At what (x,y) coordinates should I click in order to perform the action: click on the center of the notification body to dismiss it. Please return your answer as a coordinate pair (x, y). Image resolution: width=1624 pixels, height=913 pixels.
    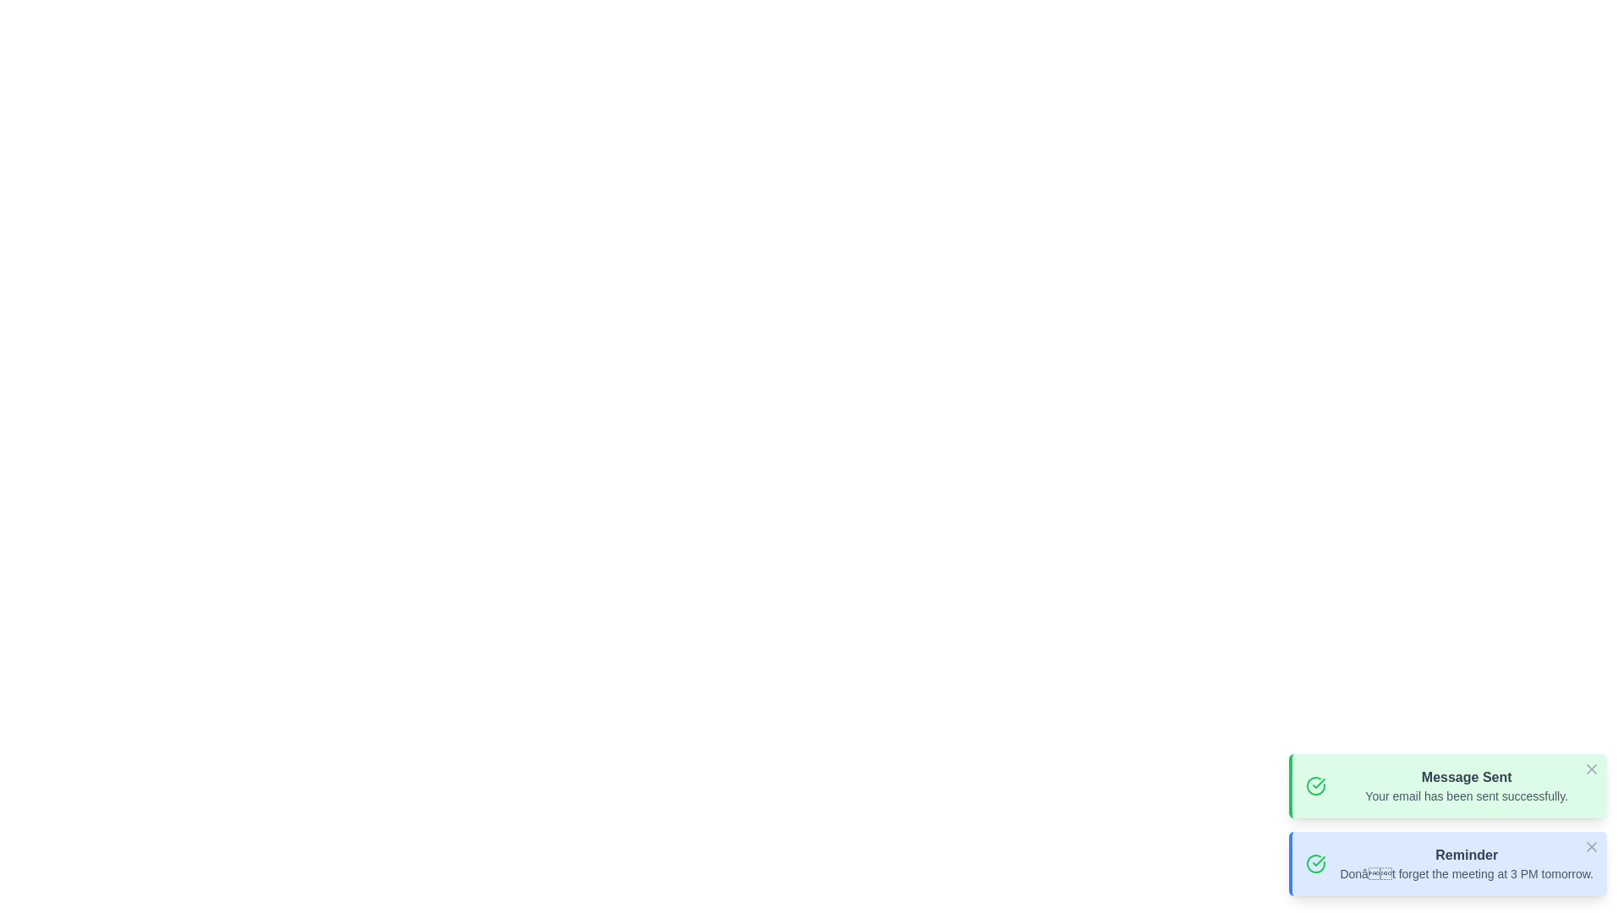
    Looking at the image, I should click on (1447, 785).